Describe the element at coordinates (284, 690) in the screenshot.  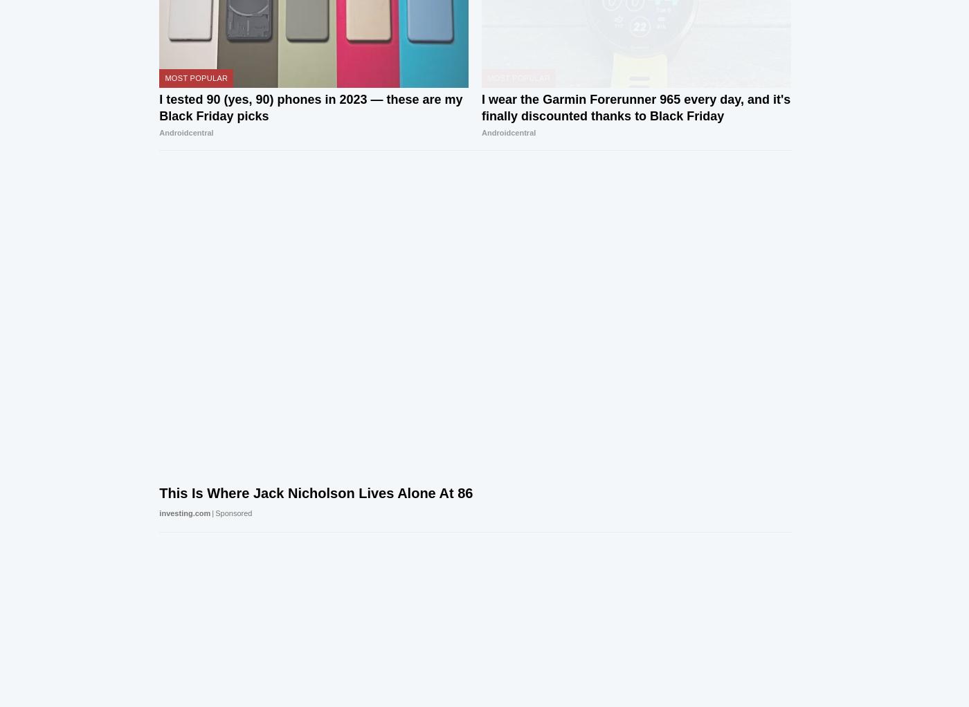
I see `'Advertising'` at that location.